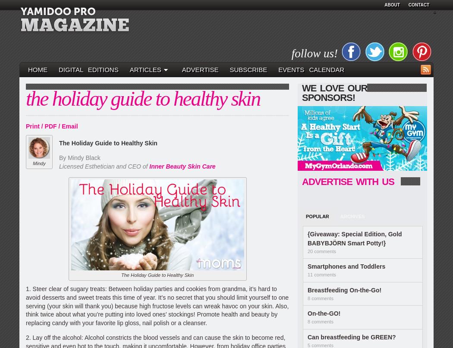 This screenshot has width=453, height=348. I want to click on '1. Steer clear of sugary treats: Between holiday parties and cookies from grandma, it’s hard to avoid desserts and sweet treats this time of year. It’s no secret that you should limit yourself to one serving (your skin will thank you) because high fructose levels can wreak havoc on your skin. Also, think twice about what you’re putting into loved ones’ stockings! Promote health and beauty by replacing candy with your favorite lip gloss, nail polish or a cleanser.', so click(157, 306).